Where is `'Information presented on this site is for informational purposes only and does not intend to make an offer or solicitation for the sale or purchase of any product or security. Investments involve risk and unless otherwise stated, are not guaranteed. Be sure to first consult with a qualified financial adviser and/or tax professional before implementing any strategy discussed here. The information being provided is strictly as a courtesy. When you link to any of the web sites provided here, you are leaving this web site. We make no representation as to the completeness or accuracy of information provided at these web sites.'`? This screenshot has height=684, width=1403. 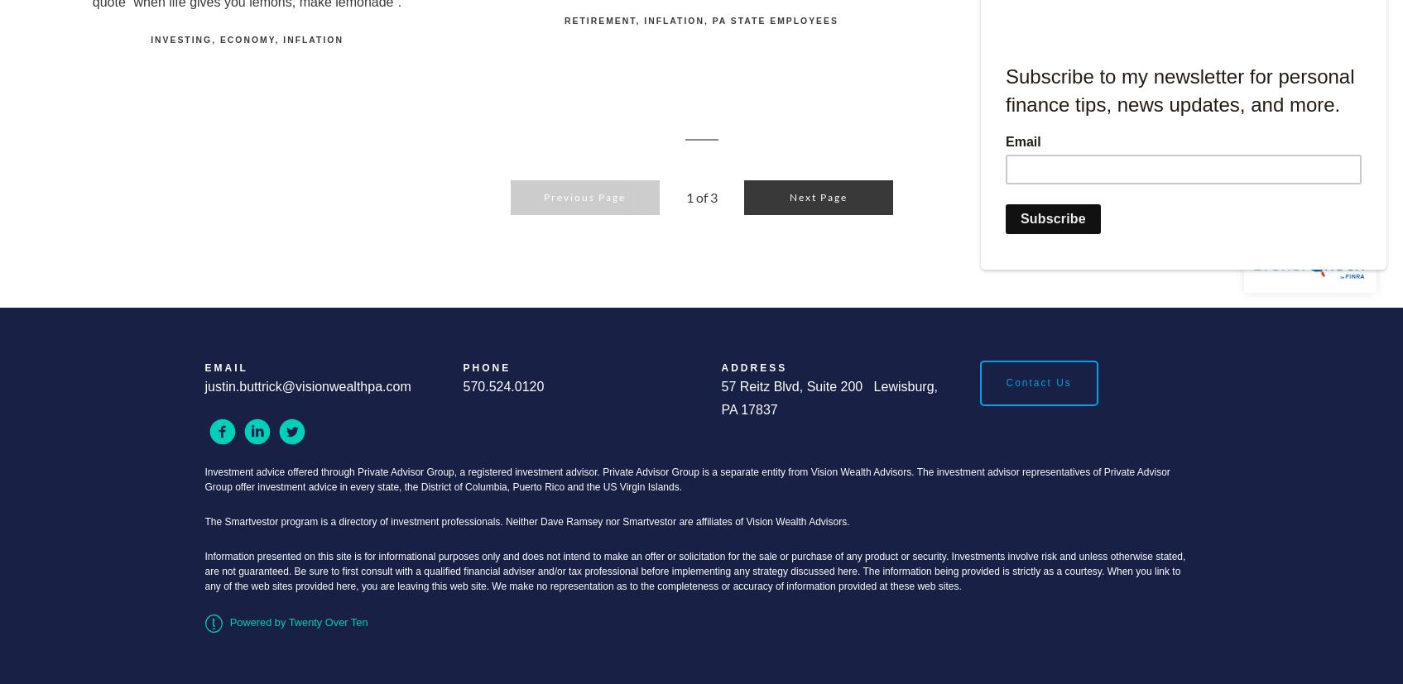 'Information presented on this site is for informational purposes only and does not intend to make an offer or solicitation for the sale or purchase of any product or security. Investments involve risk and unless otherwise stated, are not guaranteed. Be sure to first consult with a qualified financial adviser and/or tax professional before implementing any strategy discussed here. The information being provided is strictly as a courtesy. When you link to any of the web sites provided here, you are leaving this web site. We make no representation as to the completeness or accuracy of information provided at these web sites.' is located at coordinates (694, 571).